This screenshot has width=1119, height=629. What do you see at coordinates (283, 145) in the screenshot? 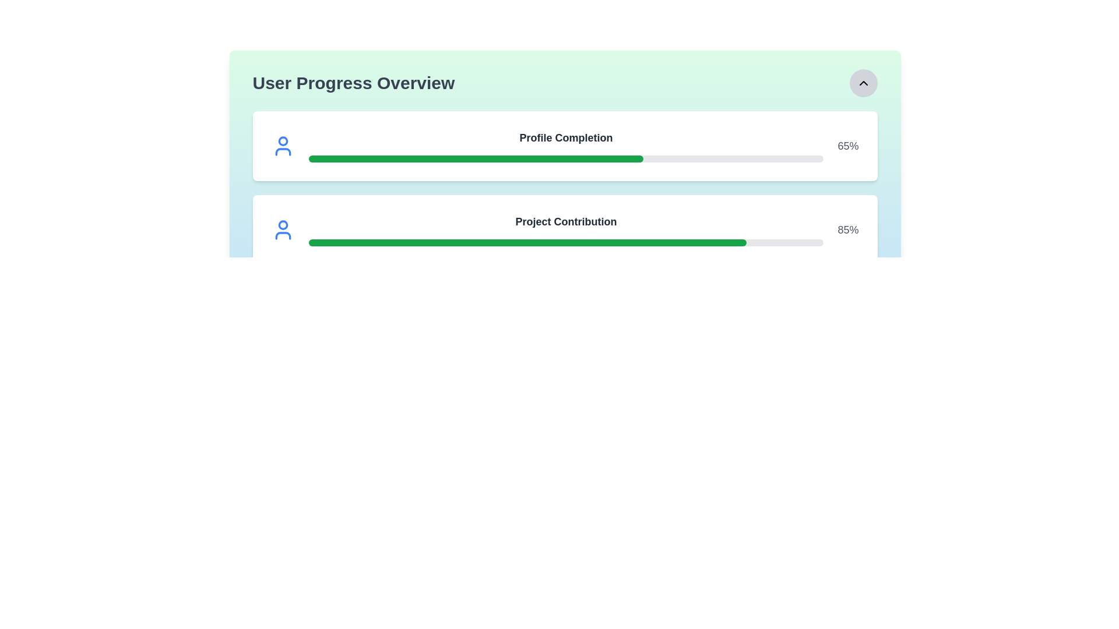
I see `the user profile icon, which is a blue circular icon representing a head and shoulders, located in the first card of the User Progress Overview section` at bounding box center [283, 145].